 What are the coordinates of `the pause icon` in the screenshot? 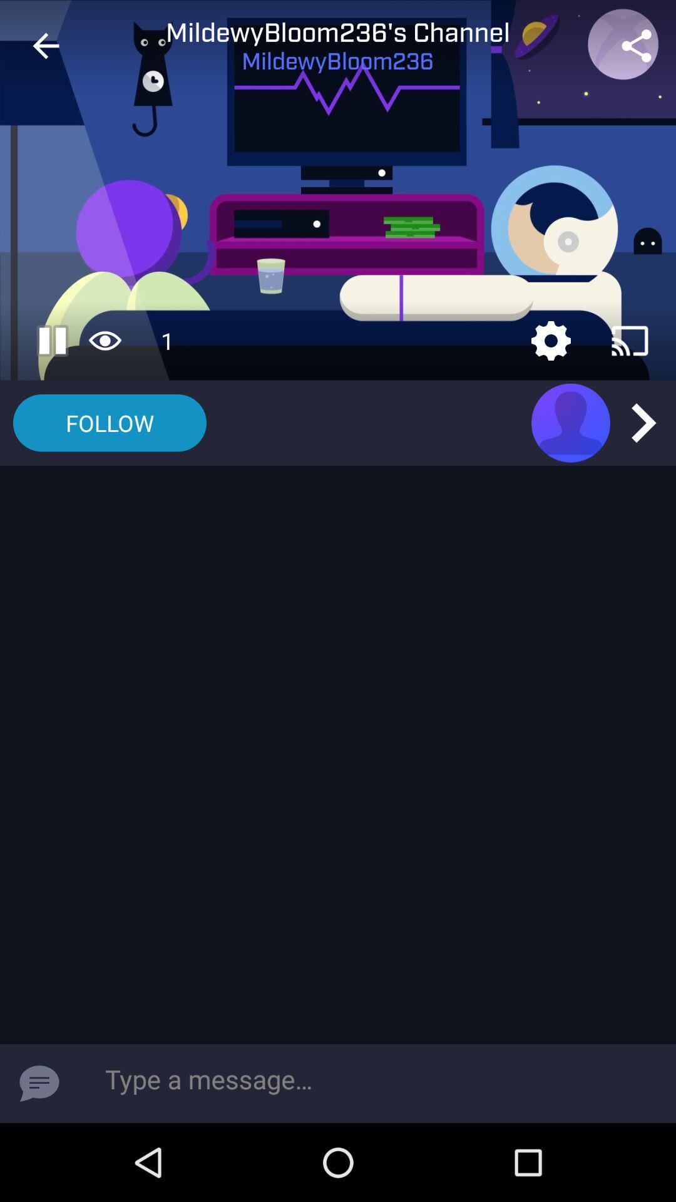 It's located at (57, 341).